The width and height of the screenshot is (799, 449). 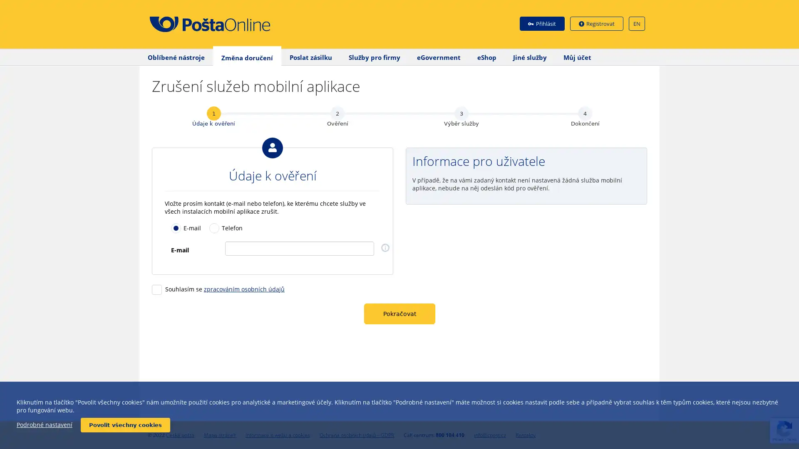 I want to click on Povolit vsechny cookies, so click(x=125, y=425).